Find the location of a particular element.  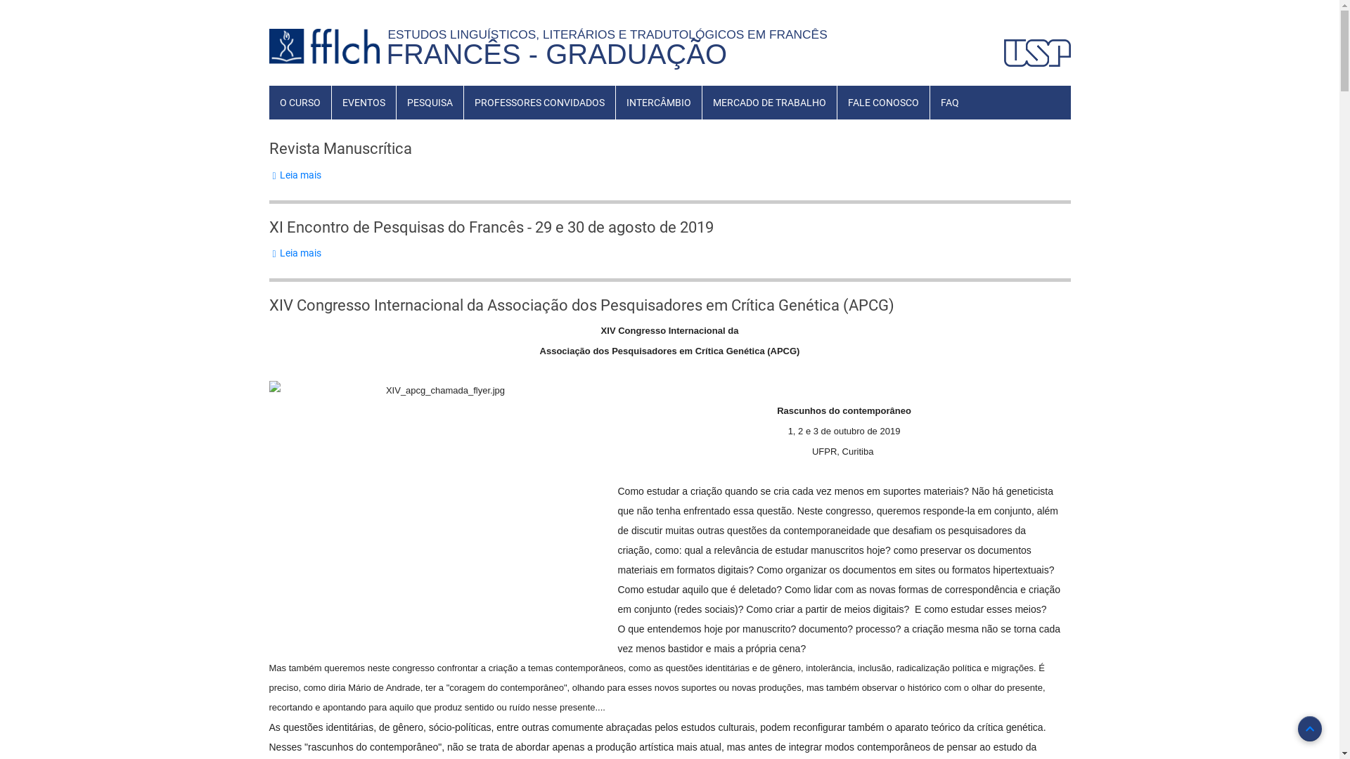

'Back to Top' is located at coordinates (1309, 728).